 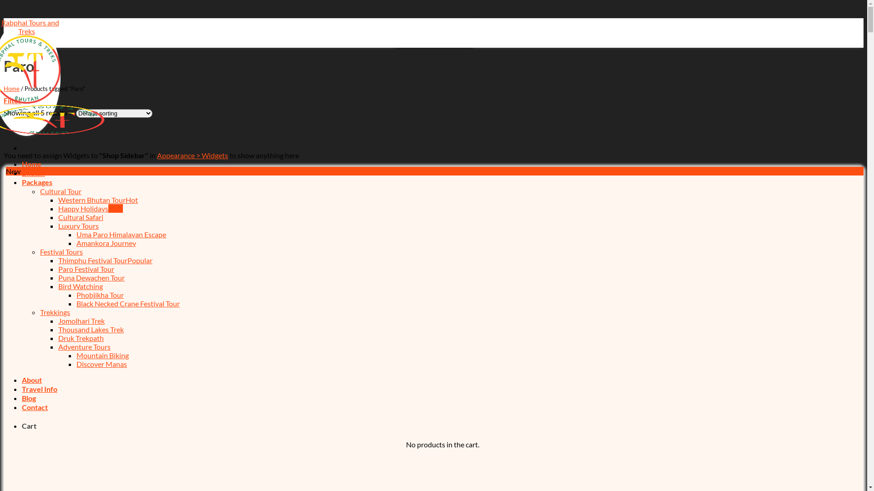 What do you see at coordinates (90, 208) in the screenshot?
I see `'Happy Holidays'` at bounding box center [90, 208].